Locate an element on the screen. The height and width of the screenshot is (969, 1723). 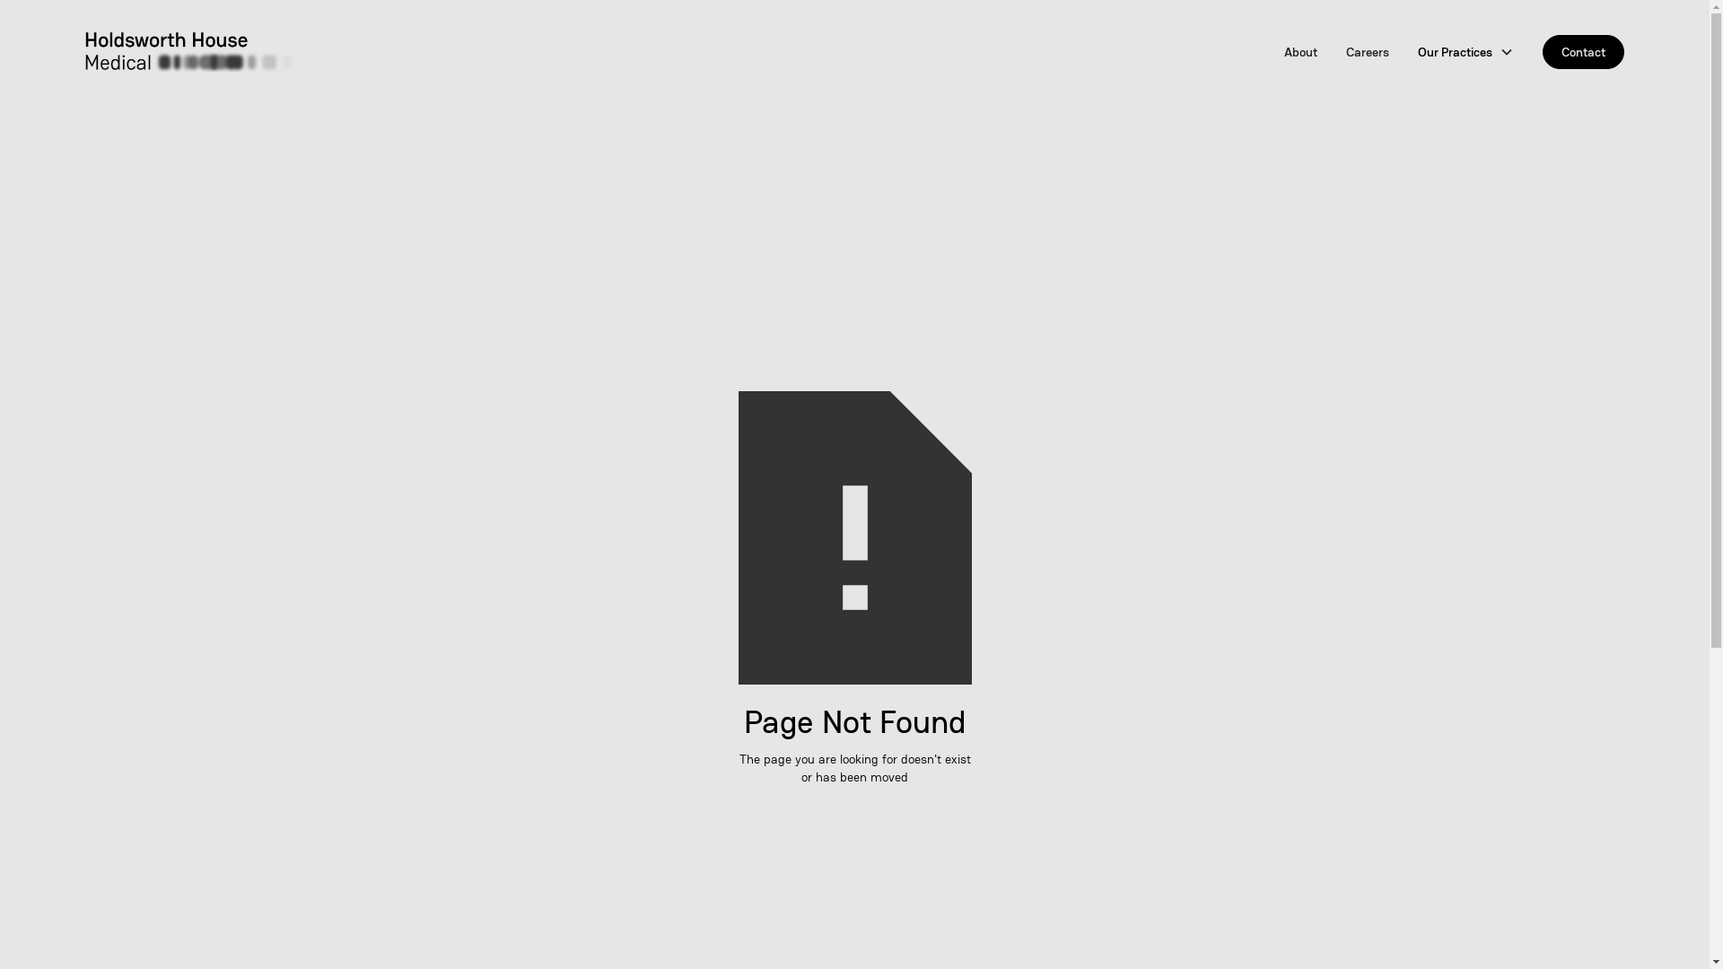
'About' is located at coordinates (1300, 50).